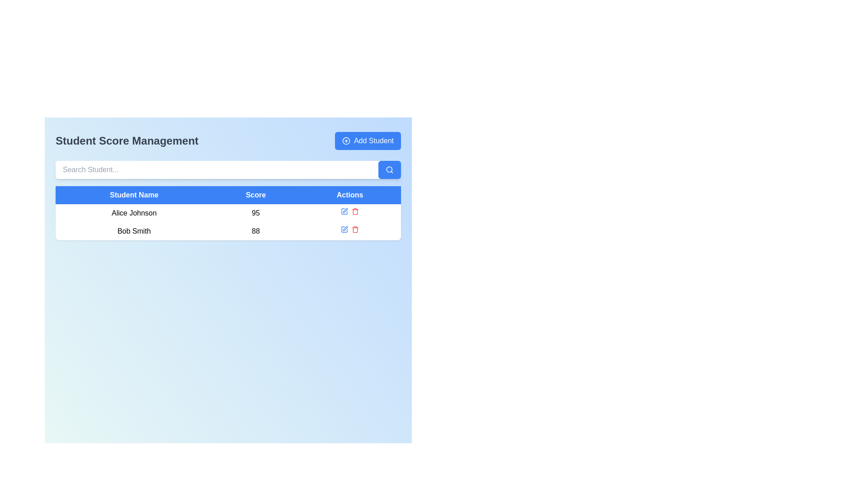 The width and height of the screenshot is (868, 488). I want to click on the header label indicating student names in the first column of the table, so click(133, 195).